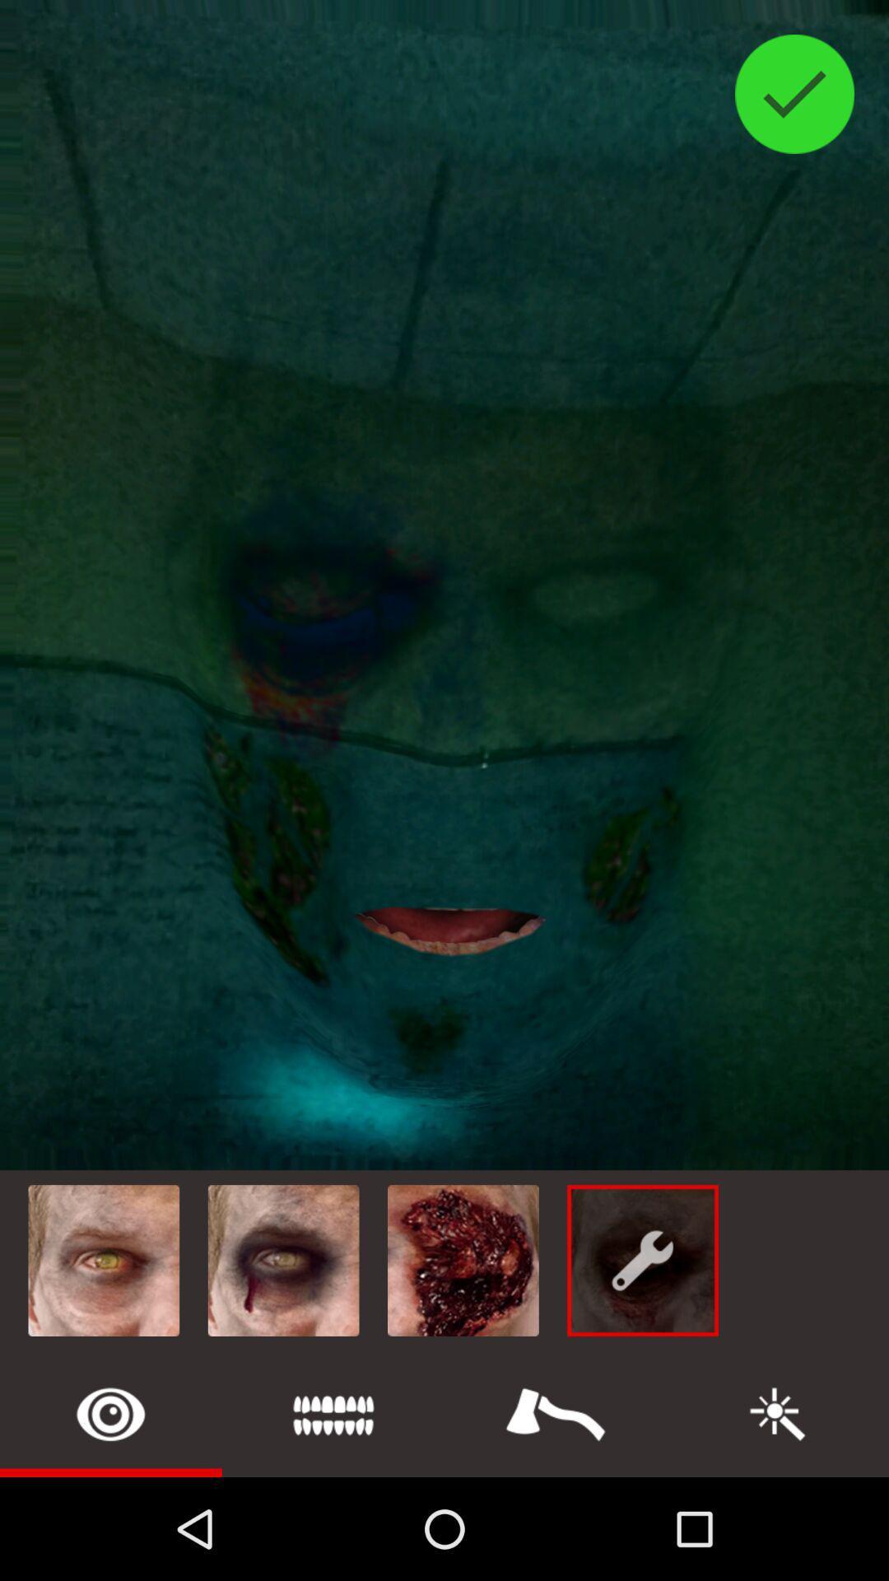 Image resolution: width=889 pixels, height=1581 pixels. Describe the element at coordinates (333, 1413) in the screenshot. I see `the list icon` at that location.